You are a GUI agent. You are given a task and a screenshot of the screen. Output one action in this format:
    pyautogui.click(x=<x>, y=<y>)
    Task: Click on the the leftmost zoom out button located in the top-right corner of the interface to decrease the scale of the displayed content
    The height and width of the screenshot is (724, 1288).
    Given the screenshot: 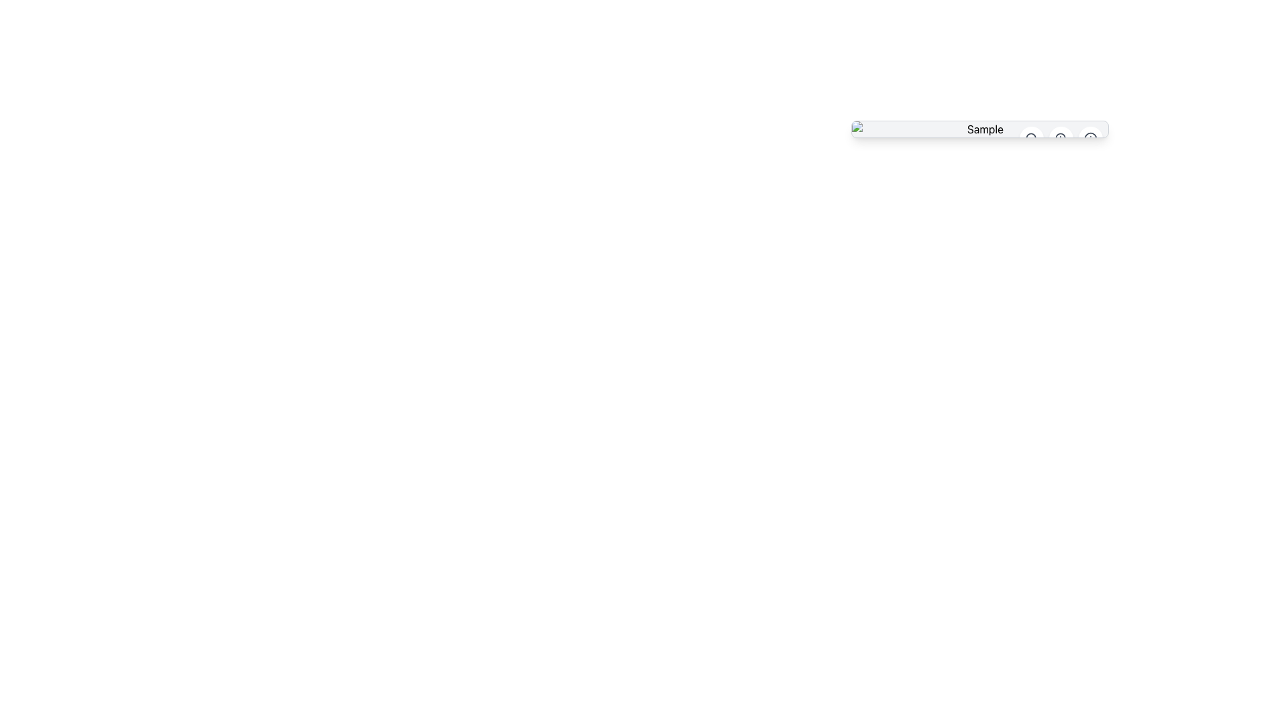 What is the action you would take?
    pyautogui.click(x=1030, y=139)
    